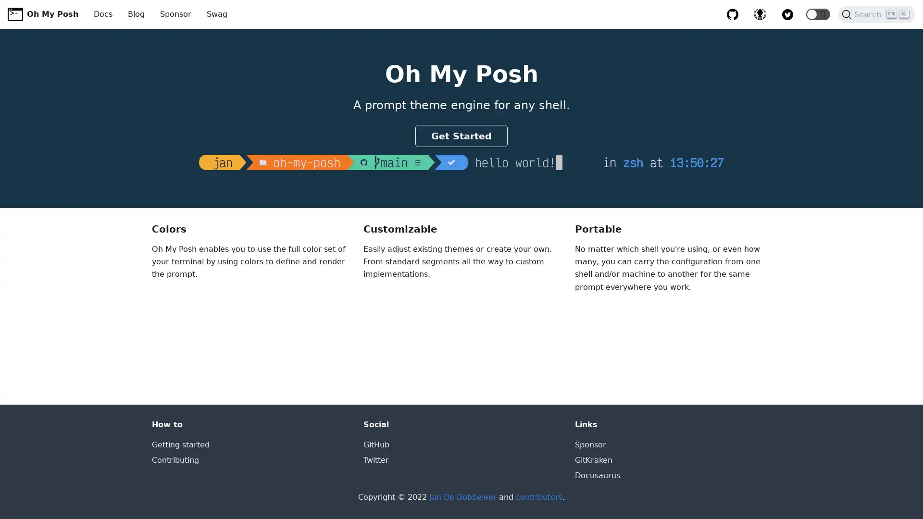 The height and width of the screenshot is (519, 923). What do you see at coordinates (818, 14) in the screenshot?
I see `Switch between dark and light mode` at bounding box center [818, 14].